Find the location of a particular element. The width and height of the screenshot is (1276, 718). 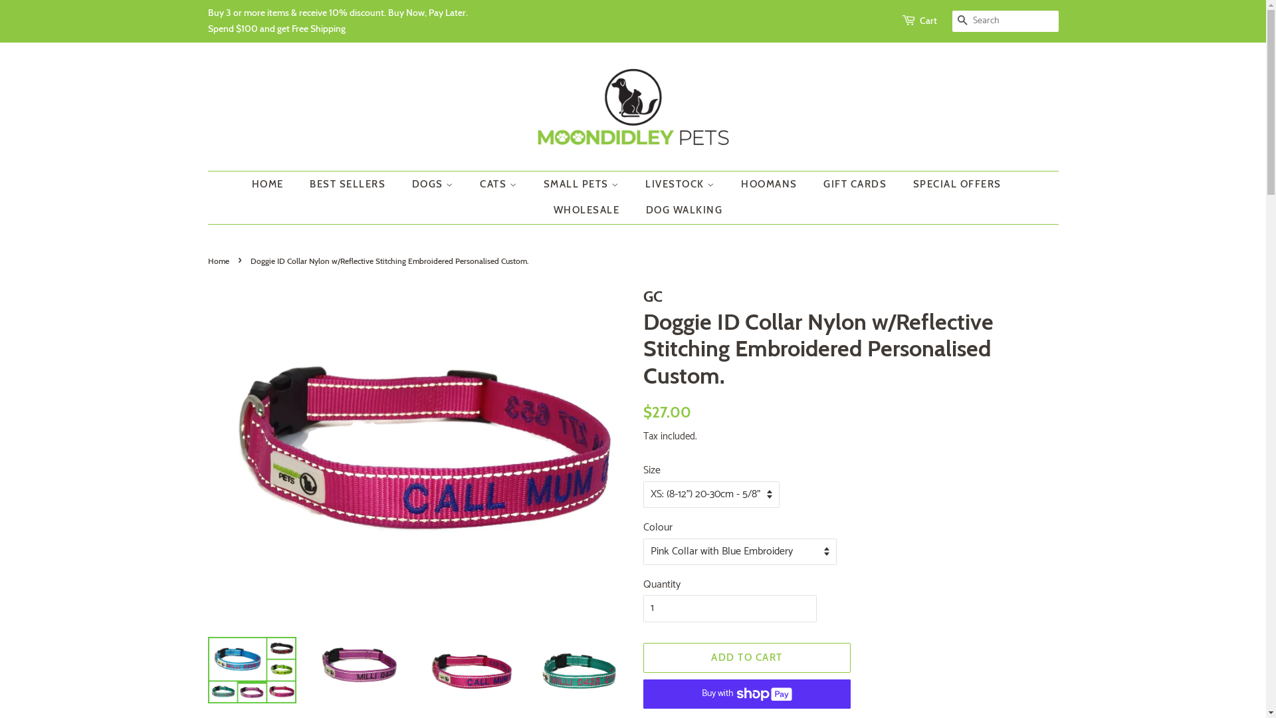

'Cart' is located at coordinates (927, 21).